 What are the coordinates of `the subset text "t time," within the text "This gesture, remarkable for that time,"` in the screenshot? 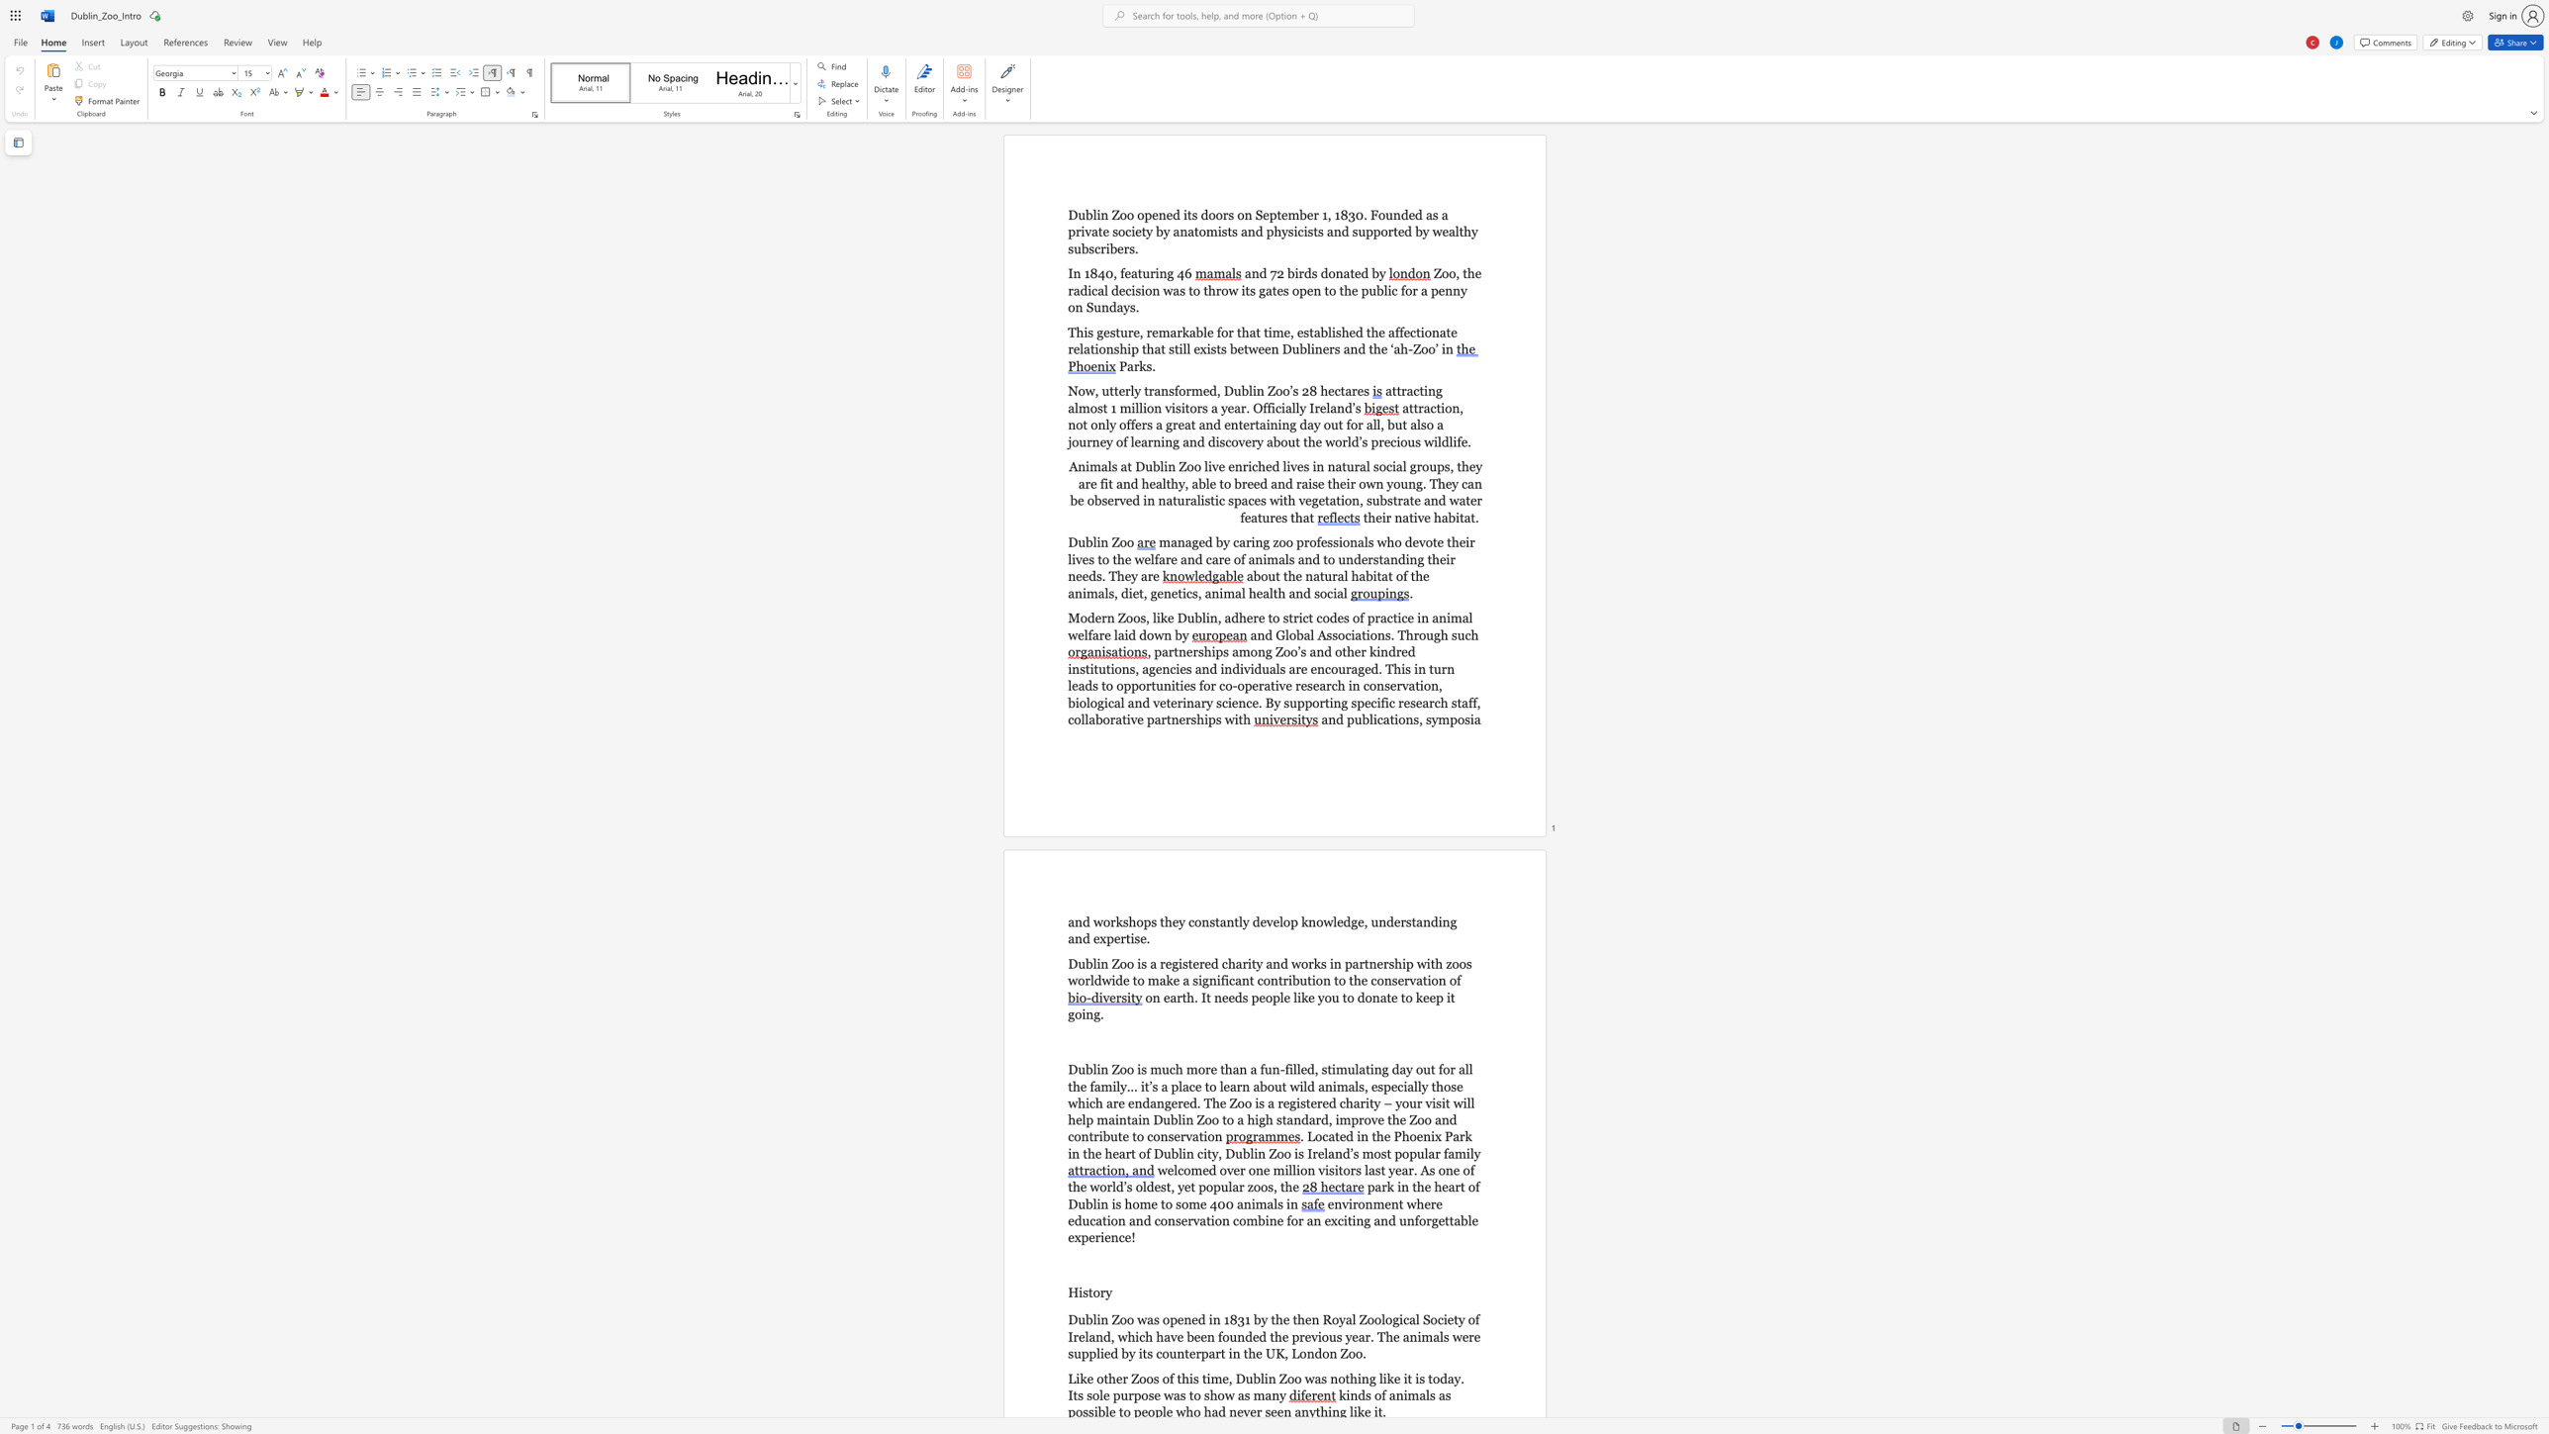 It's located at (1255, 332).